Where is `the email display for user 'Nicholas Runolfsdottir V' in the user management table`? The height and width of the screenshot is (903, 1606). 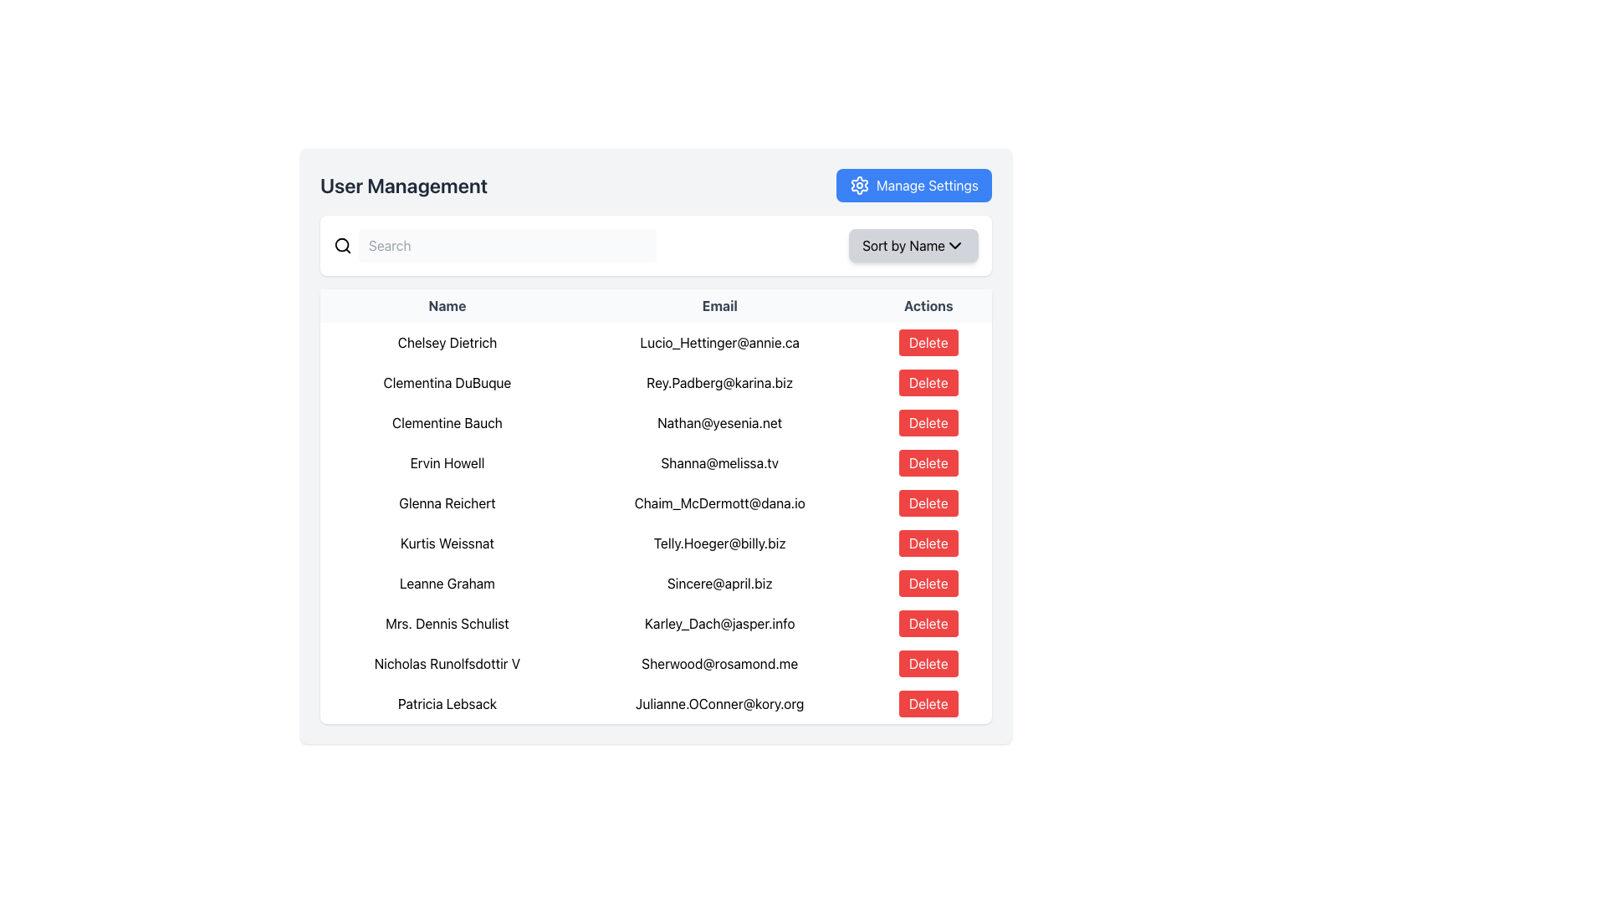
the email display for user 'Nicholas Runolfsdottir V' in the user management table is located at coordinates (719, 663).